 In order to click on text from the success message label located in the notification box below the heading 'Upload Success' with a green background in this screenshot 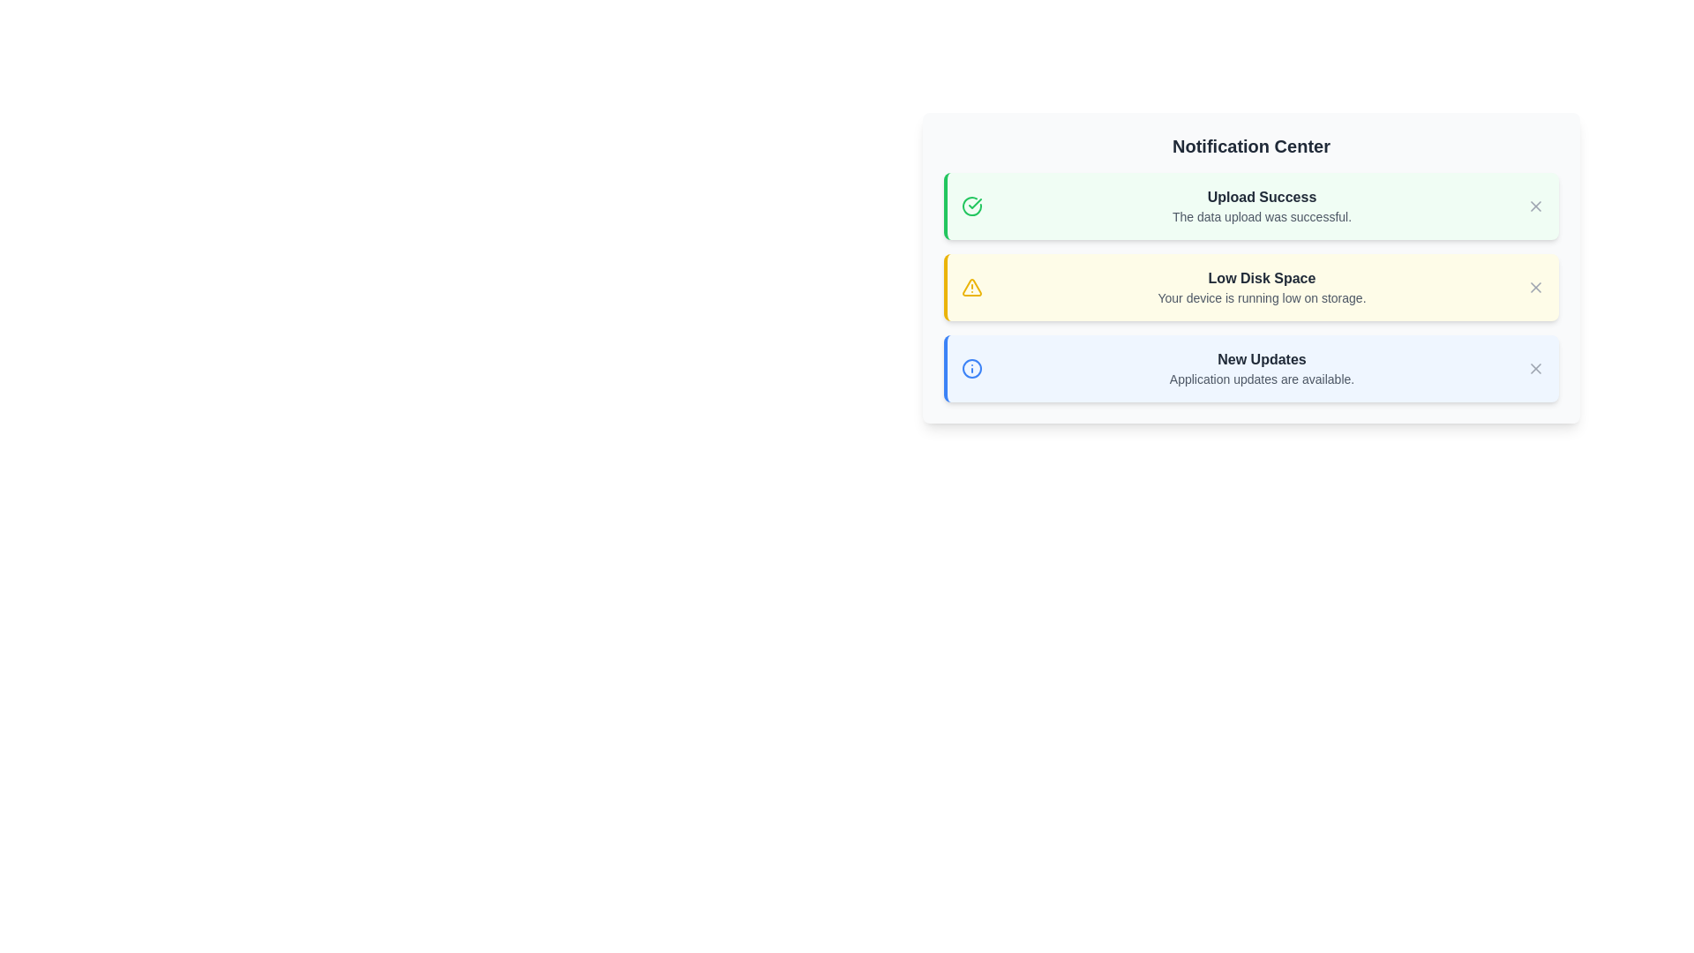, I will do `click(1261, 216)`.